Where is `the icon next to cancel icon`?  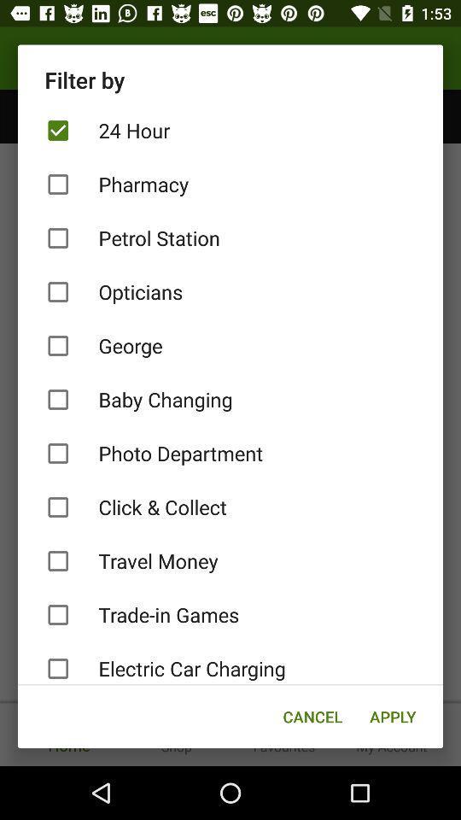 the icon next to cancel icon is located at coordinates (393, 717).